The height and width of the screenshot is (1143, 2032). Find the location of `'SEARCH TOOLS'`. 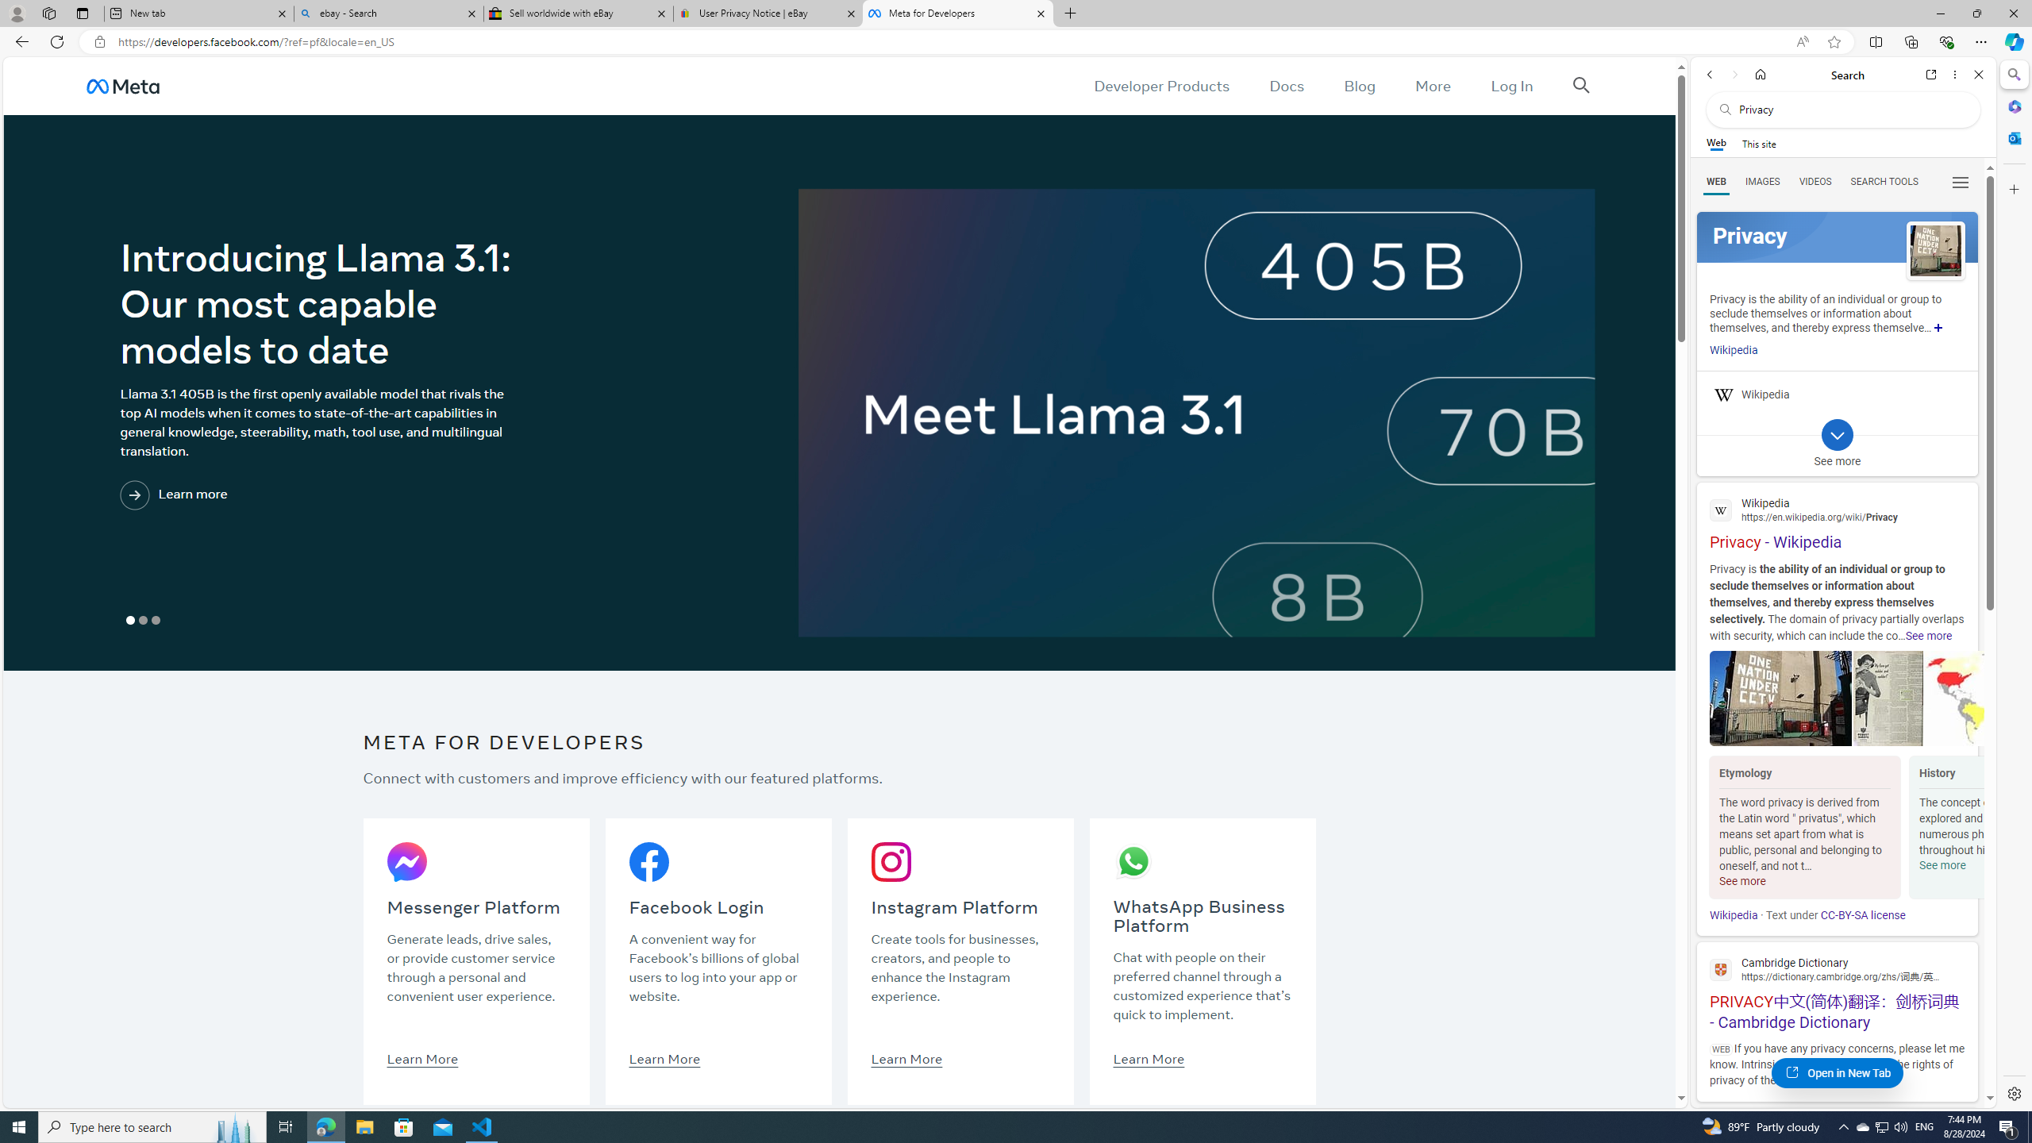

'SEARCH TOOLS' is located at coordinates (1884, 182).